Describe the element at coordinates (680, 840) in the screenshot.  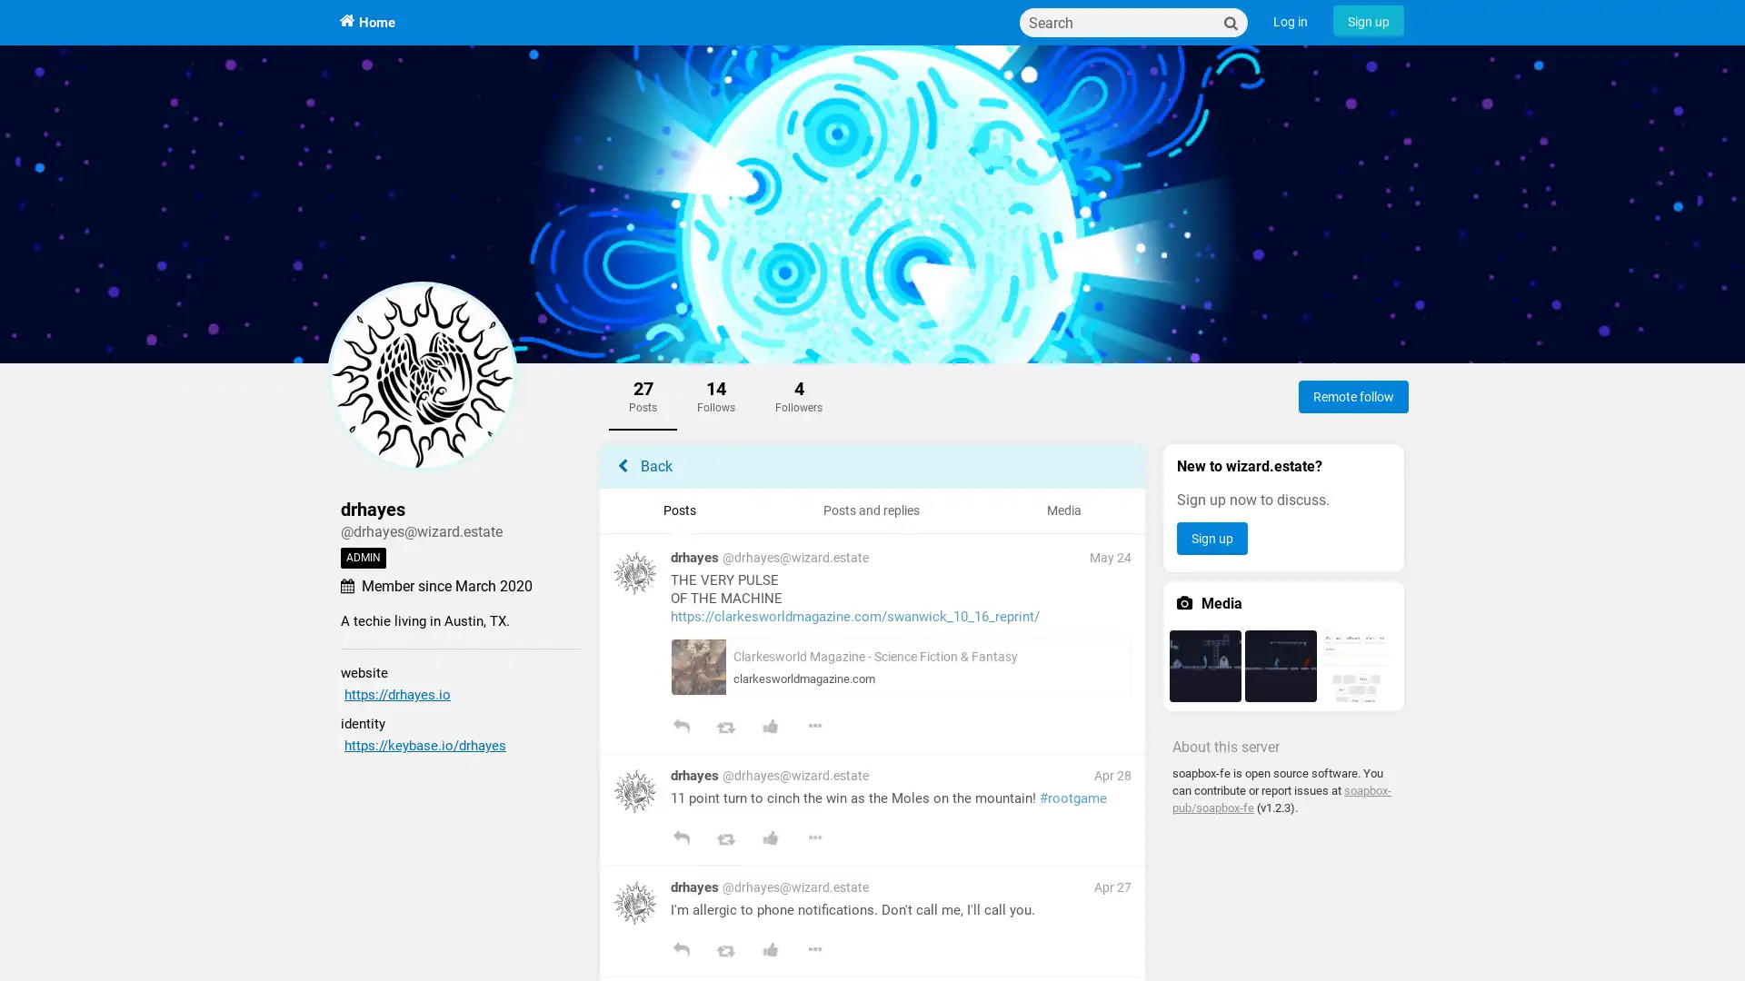
I see `Reply` at that location.